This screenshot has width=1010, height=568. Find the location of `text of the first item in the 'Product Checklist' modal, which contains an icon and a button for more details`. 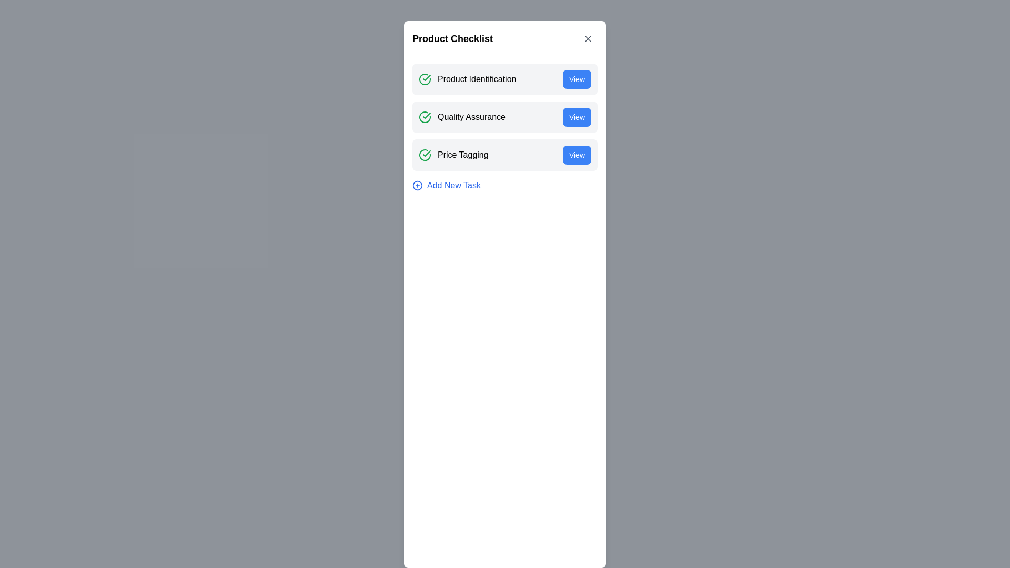

text of the first item in the 'Product Checklist' modal, which contains an icon and a button for more details is located at coordinates (505, 78).